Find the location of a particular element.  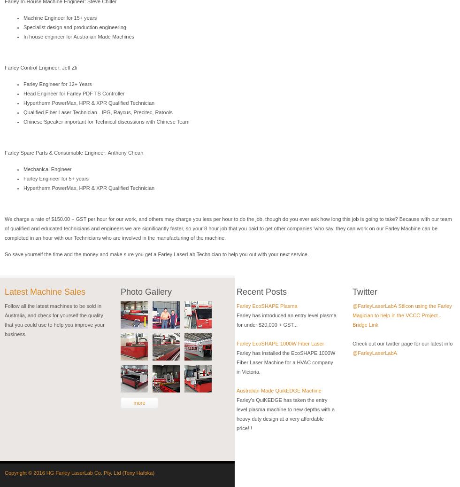

'Farley Engineer for 12+ Years' is located at coordinates (23, 84).